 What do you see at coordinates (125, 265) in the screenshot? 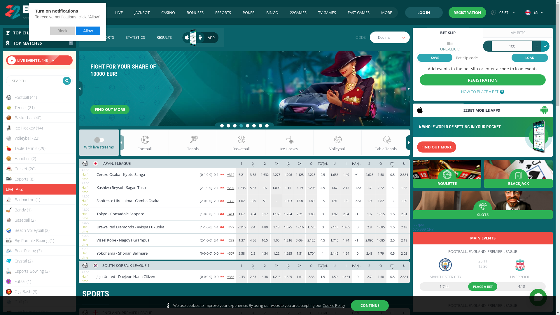
I see `'SOUTH KOREA. K LEAGUE 1'` at bounding box center [125, 265].